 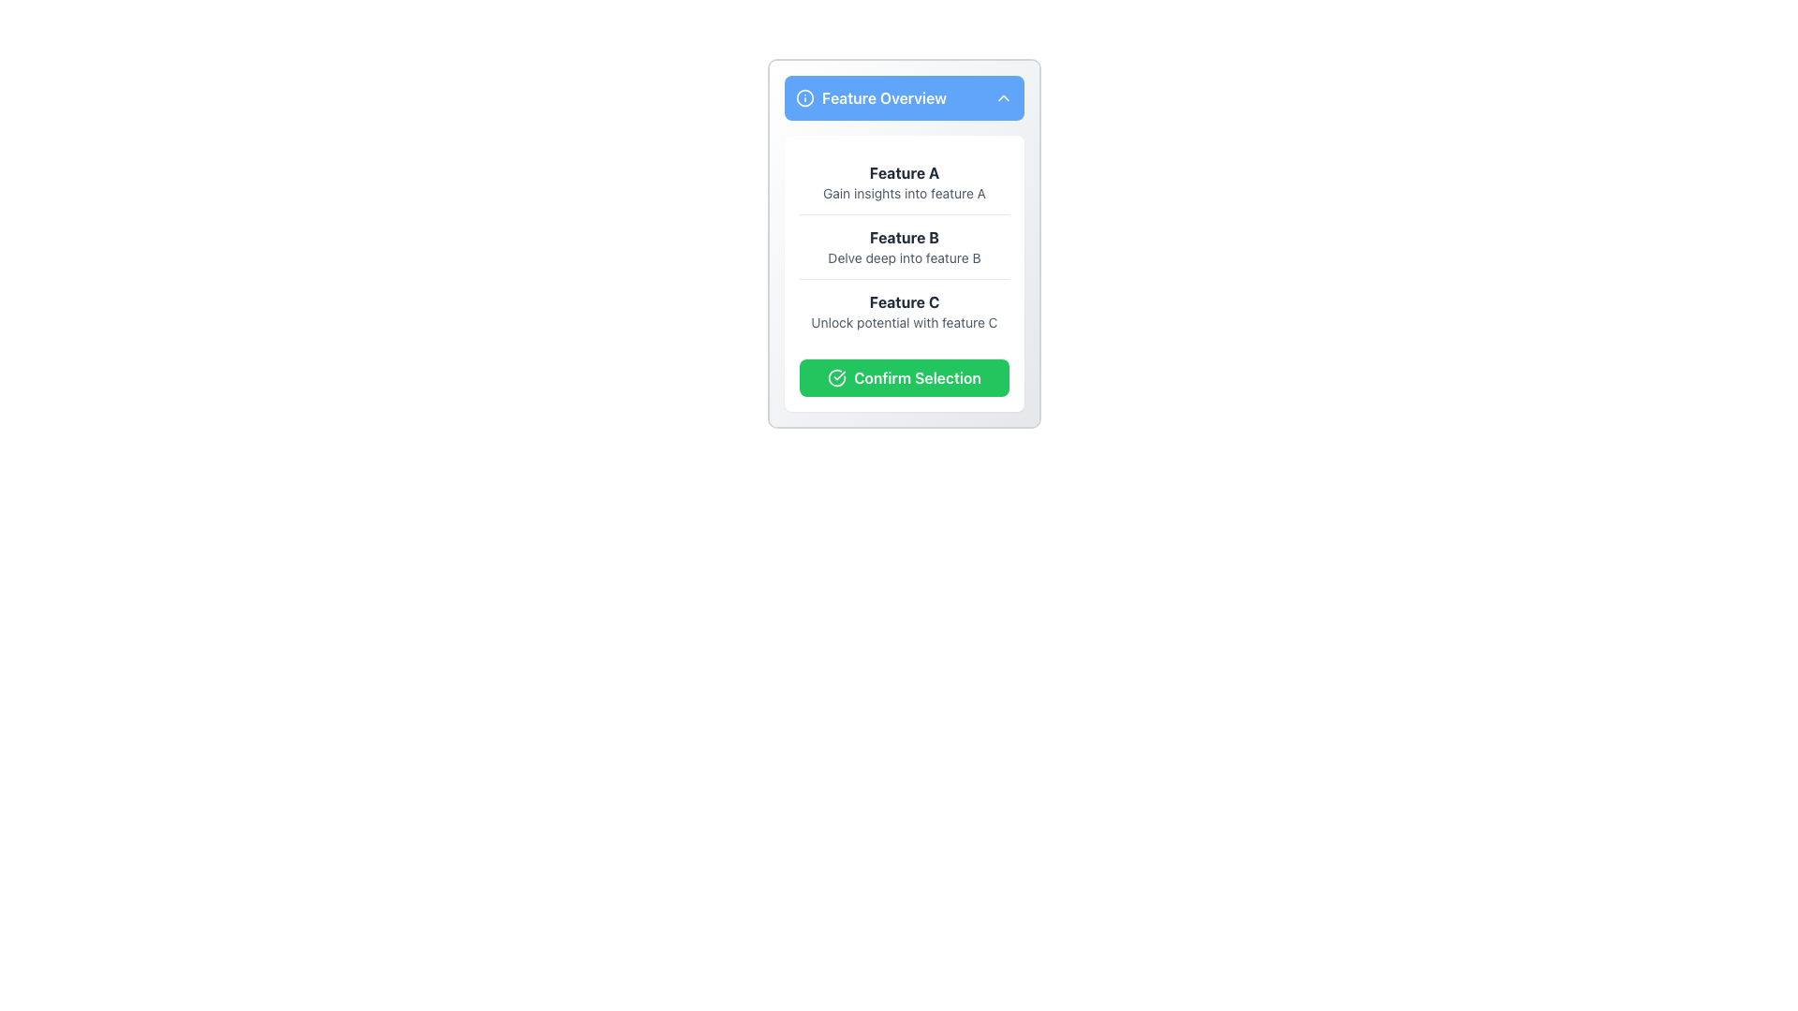 I want to click on the Text Label that serves as a title for 'Feature C', which is positioned below 'Feature B' and above the description text, so click(x=904, y=301).